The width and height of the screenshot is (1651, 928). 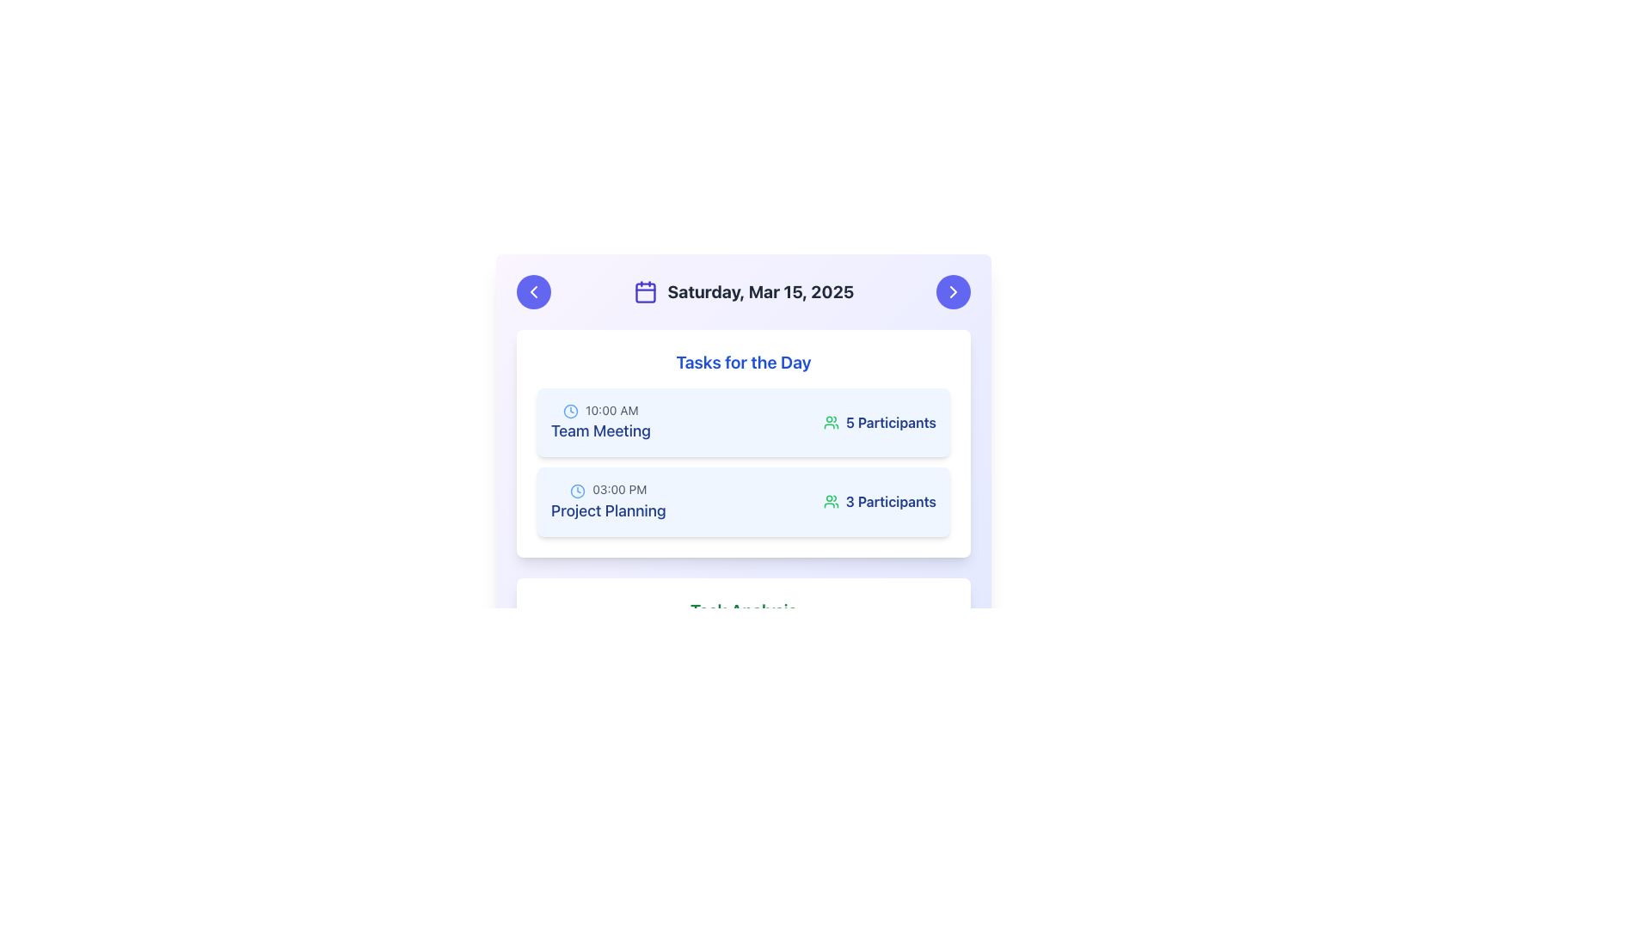 What do you see at coordinates (952, 290) in the screenshot?
I see `the circular indigo button with a rightward arrow icon located at the far right of the header section` at bounding box center [952, 290].